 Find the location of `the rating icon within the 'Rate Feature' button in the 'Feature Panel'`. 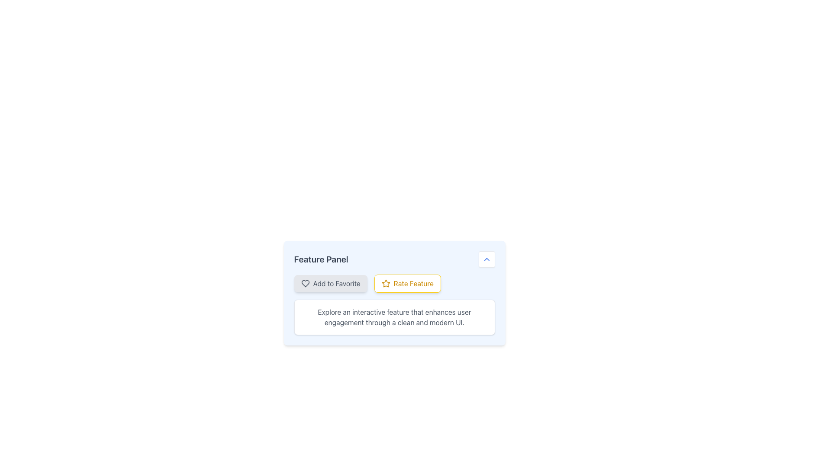

the rating icon within the 'Rate Feature' button in the 'Feature Panel' is located at coordinates (385, 283).